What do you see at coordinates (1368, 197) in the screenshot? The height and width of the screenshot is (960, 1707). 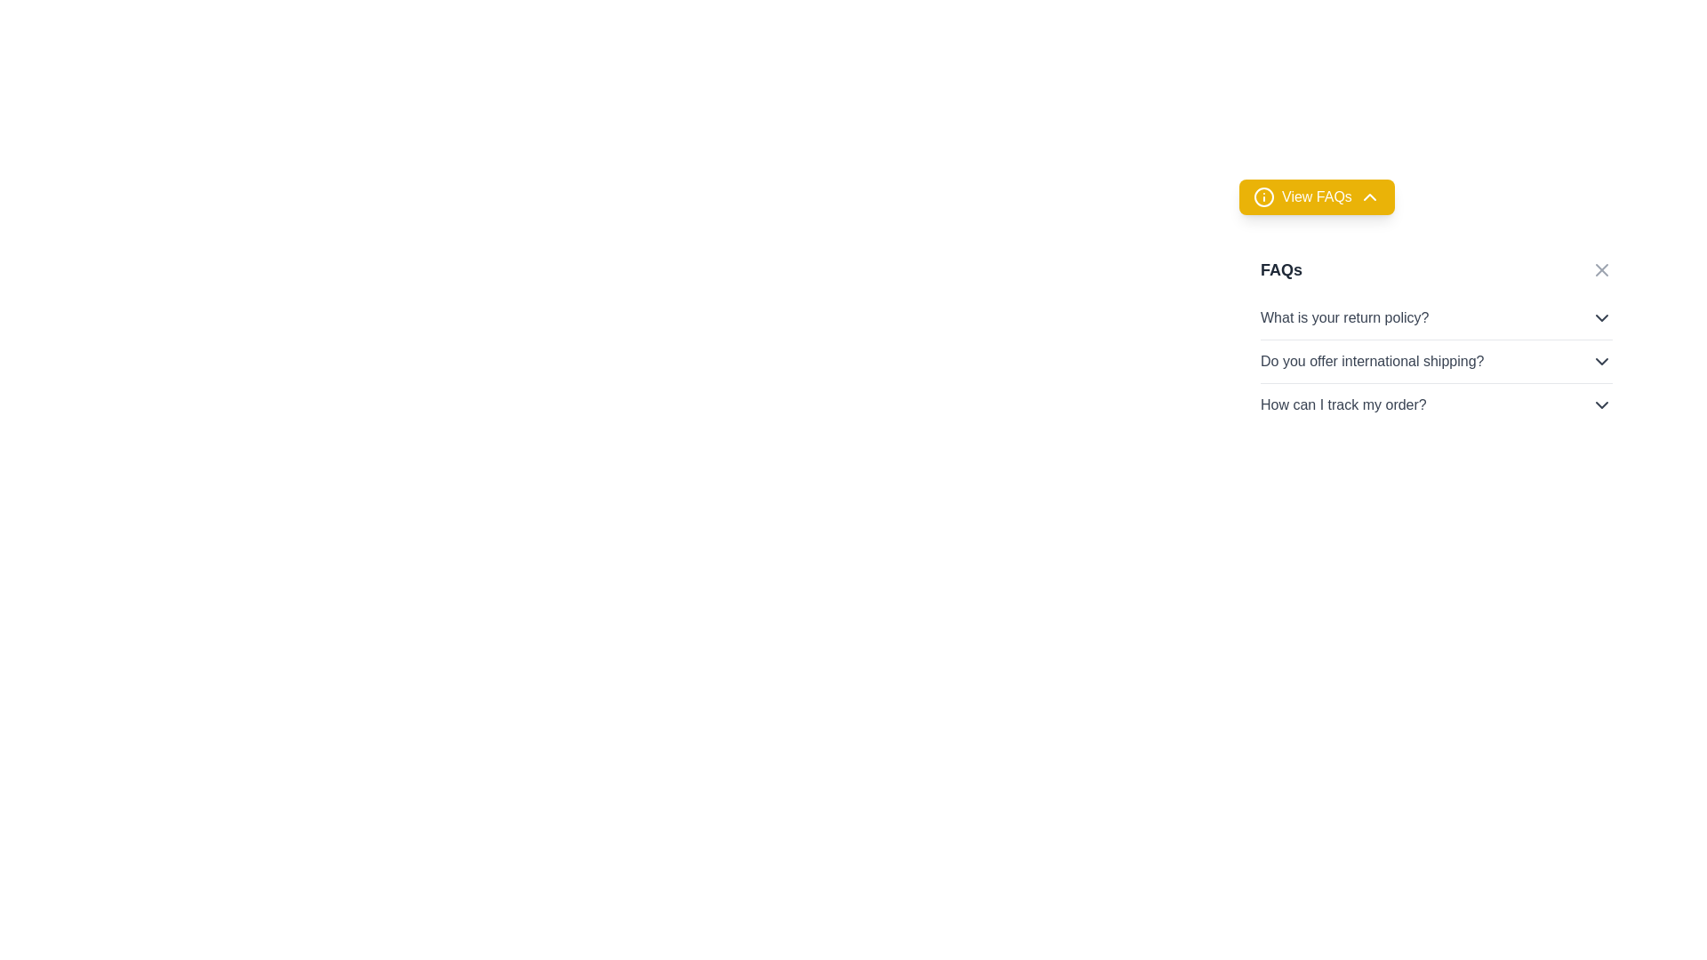 I see `the collapsibility icon located within the 'View FAQs' button, which is situated near the top-right area of the interface, to the right of the circular information icon` at bounding box center [1368, 197].